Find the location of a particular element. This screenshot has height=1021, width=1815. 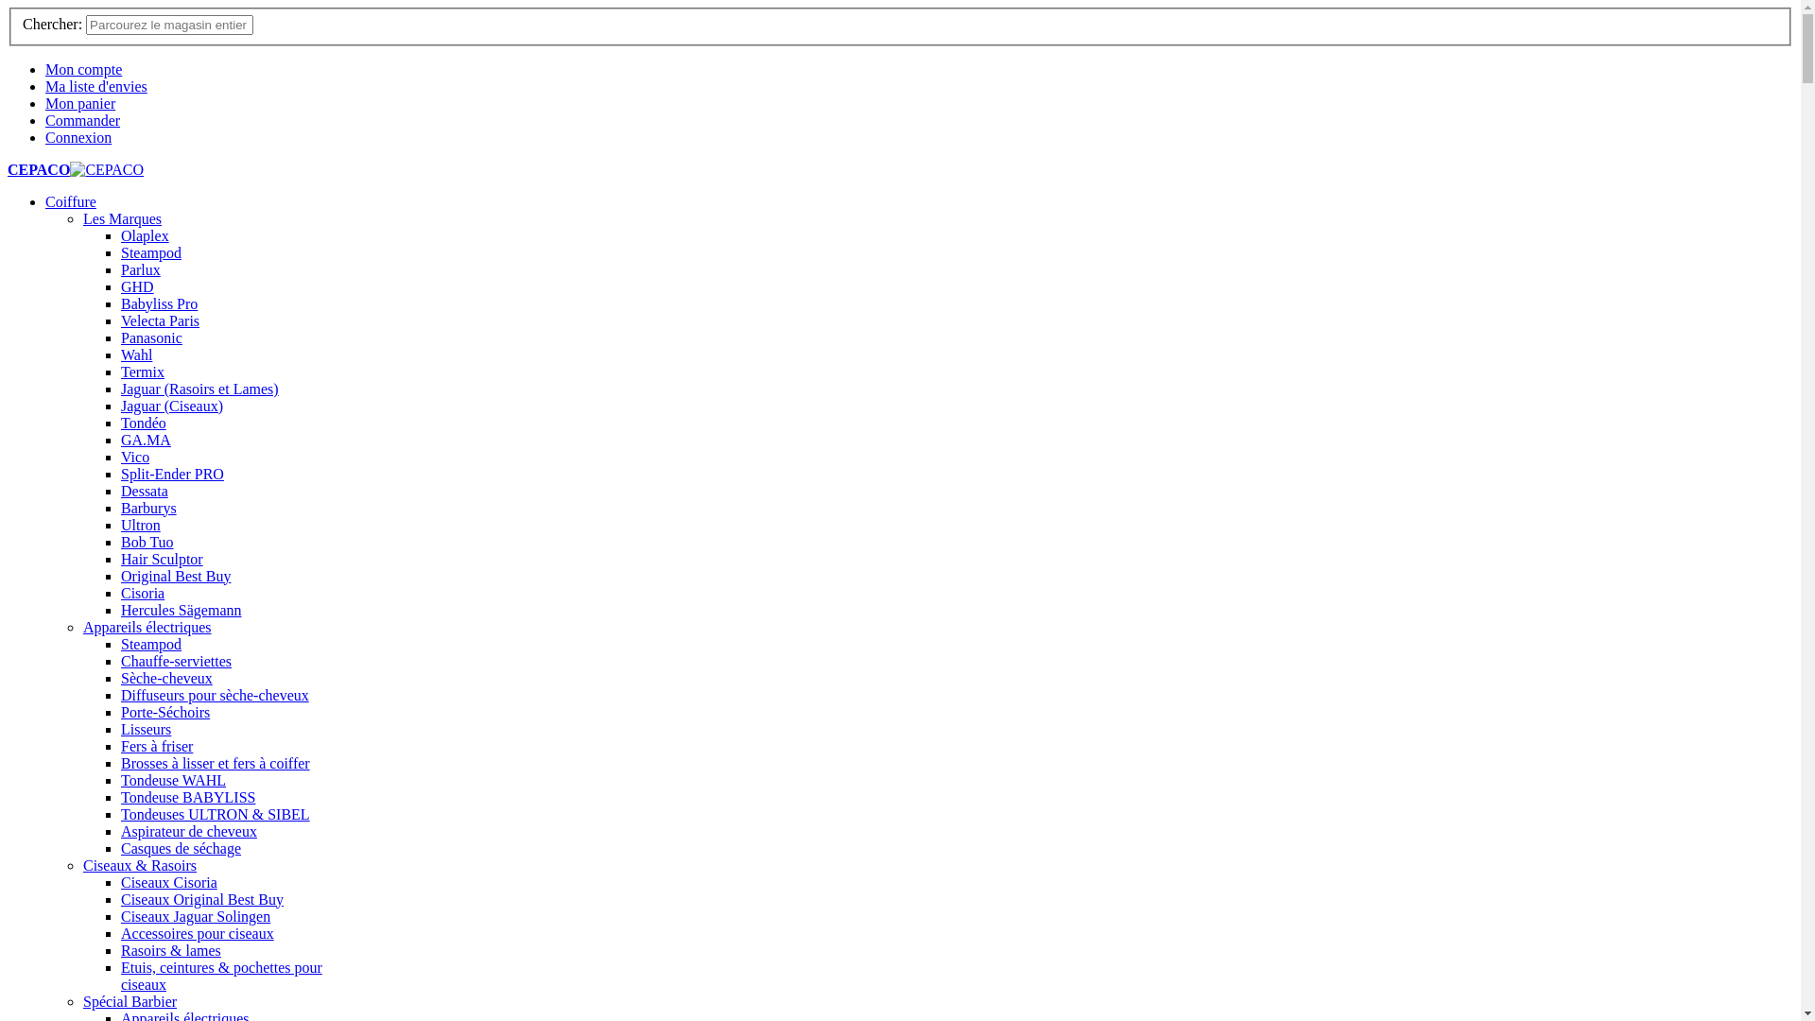

'Tondeuse WAHL' is located at coordinates (173, 780).